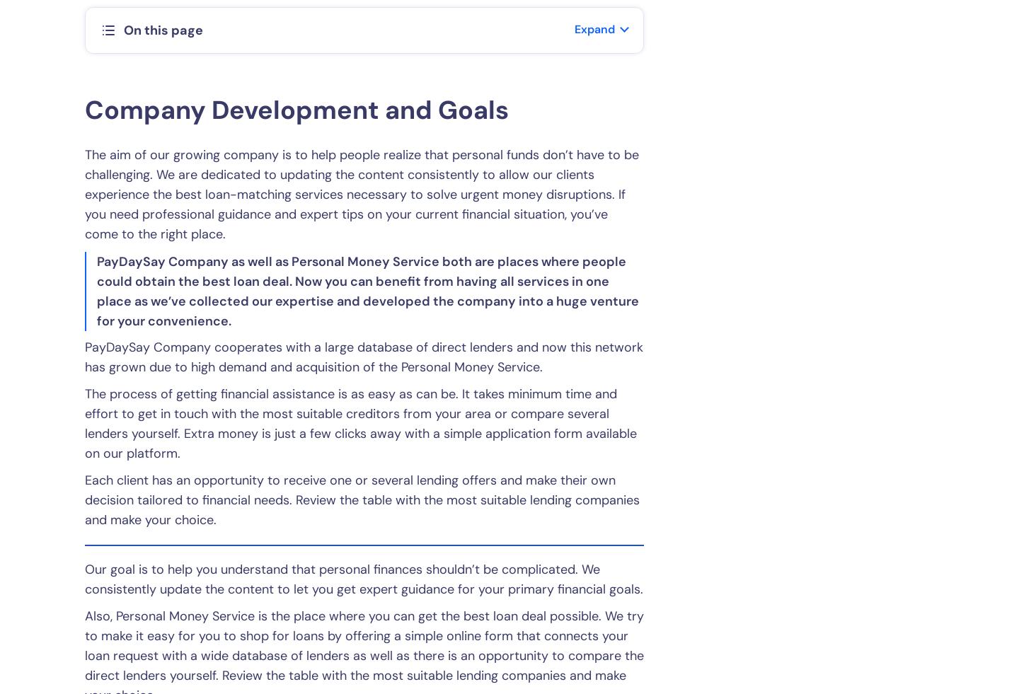  I want to click on 'Disclaimer', so click(117, 534).